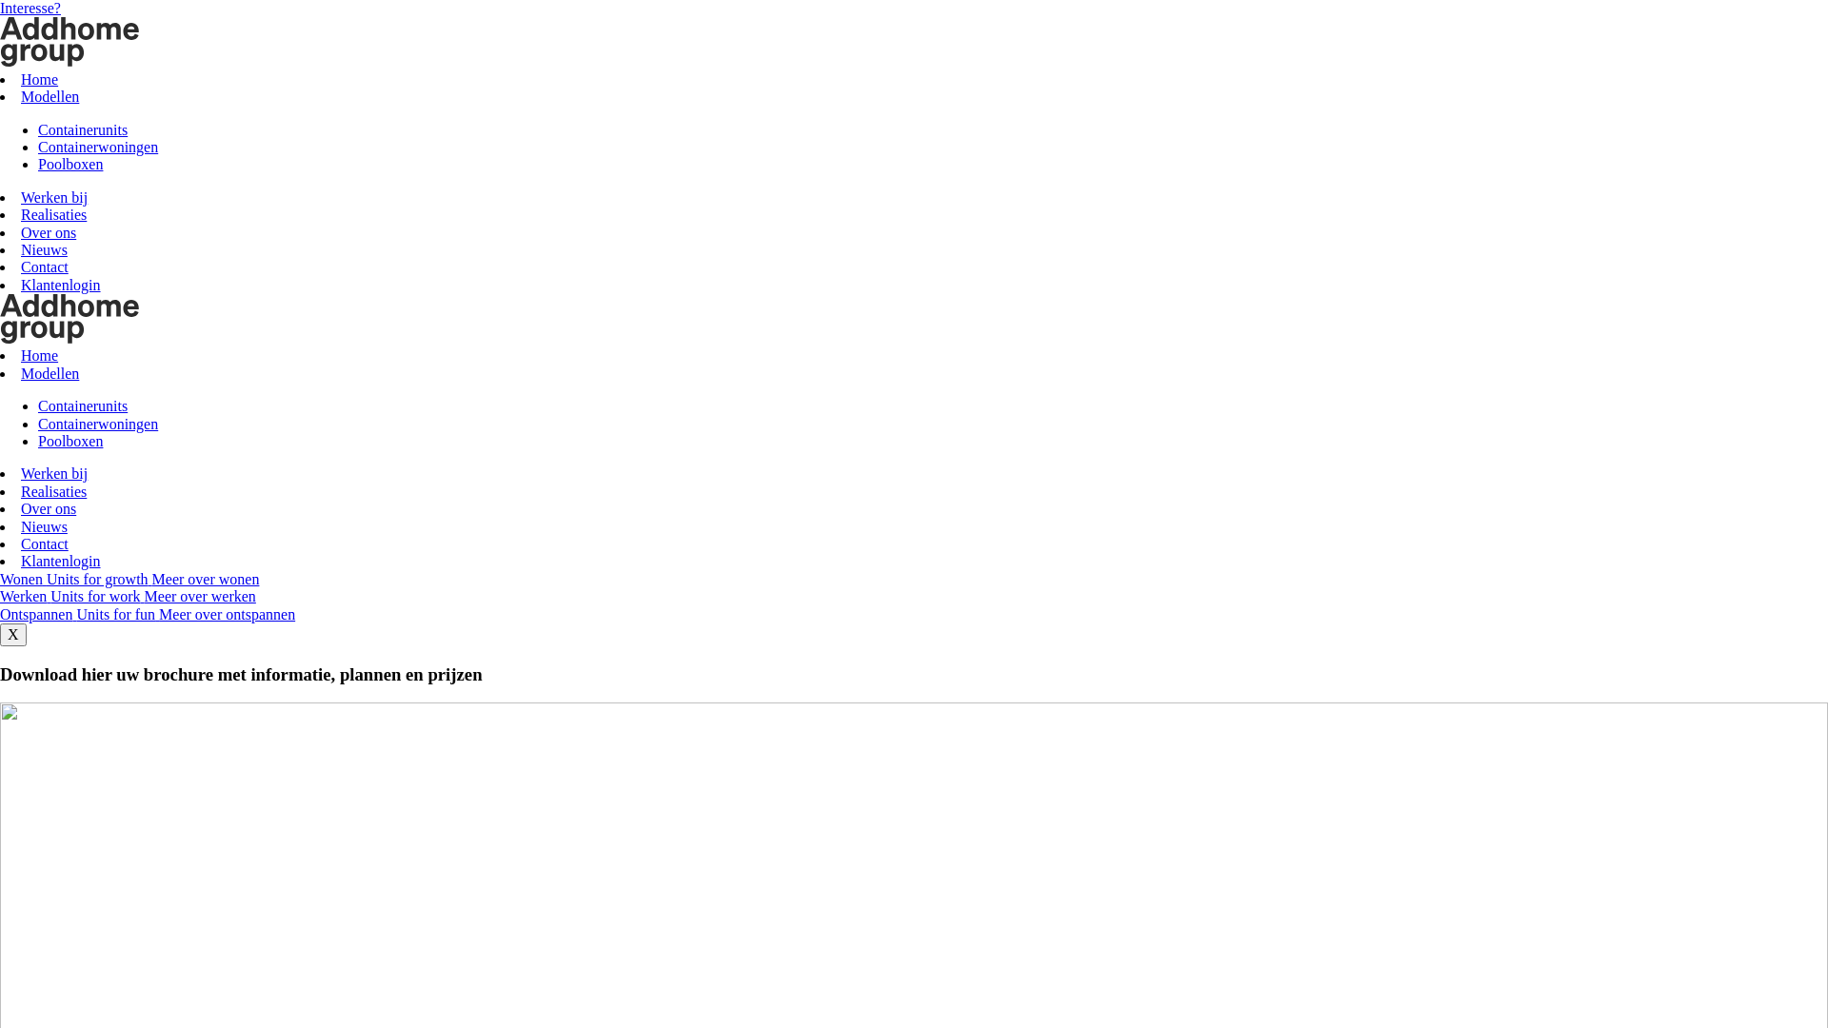 This screenshot has height=1028, width=1828. I want to click on 'Contact', so click(45, 544).